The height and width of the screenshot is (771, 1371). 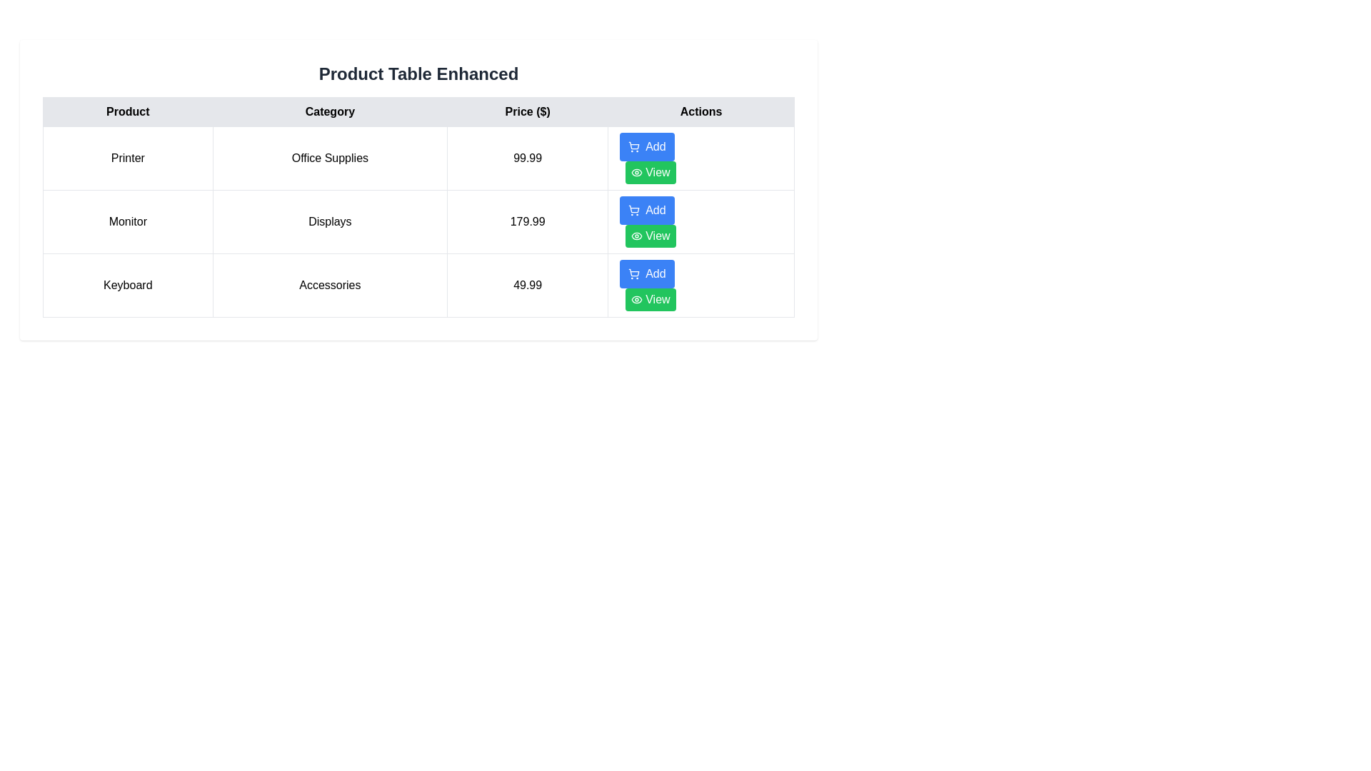 What do you see at coordinates (636, 172) in the screenshot?
I see `the green 'View' button containing an eye-shaped SVG icon in the third row of the product table` at bounding box center [636, 172].